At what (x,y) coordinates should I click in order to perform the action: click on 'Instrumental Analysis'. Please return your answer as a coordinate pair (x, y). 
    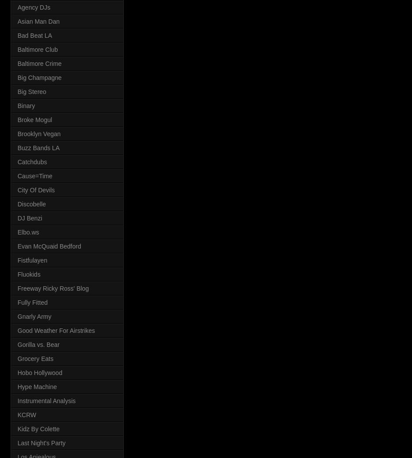
    Looking at the image, I should click on (46, 400).